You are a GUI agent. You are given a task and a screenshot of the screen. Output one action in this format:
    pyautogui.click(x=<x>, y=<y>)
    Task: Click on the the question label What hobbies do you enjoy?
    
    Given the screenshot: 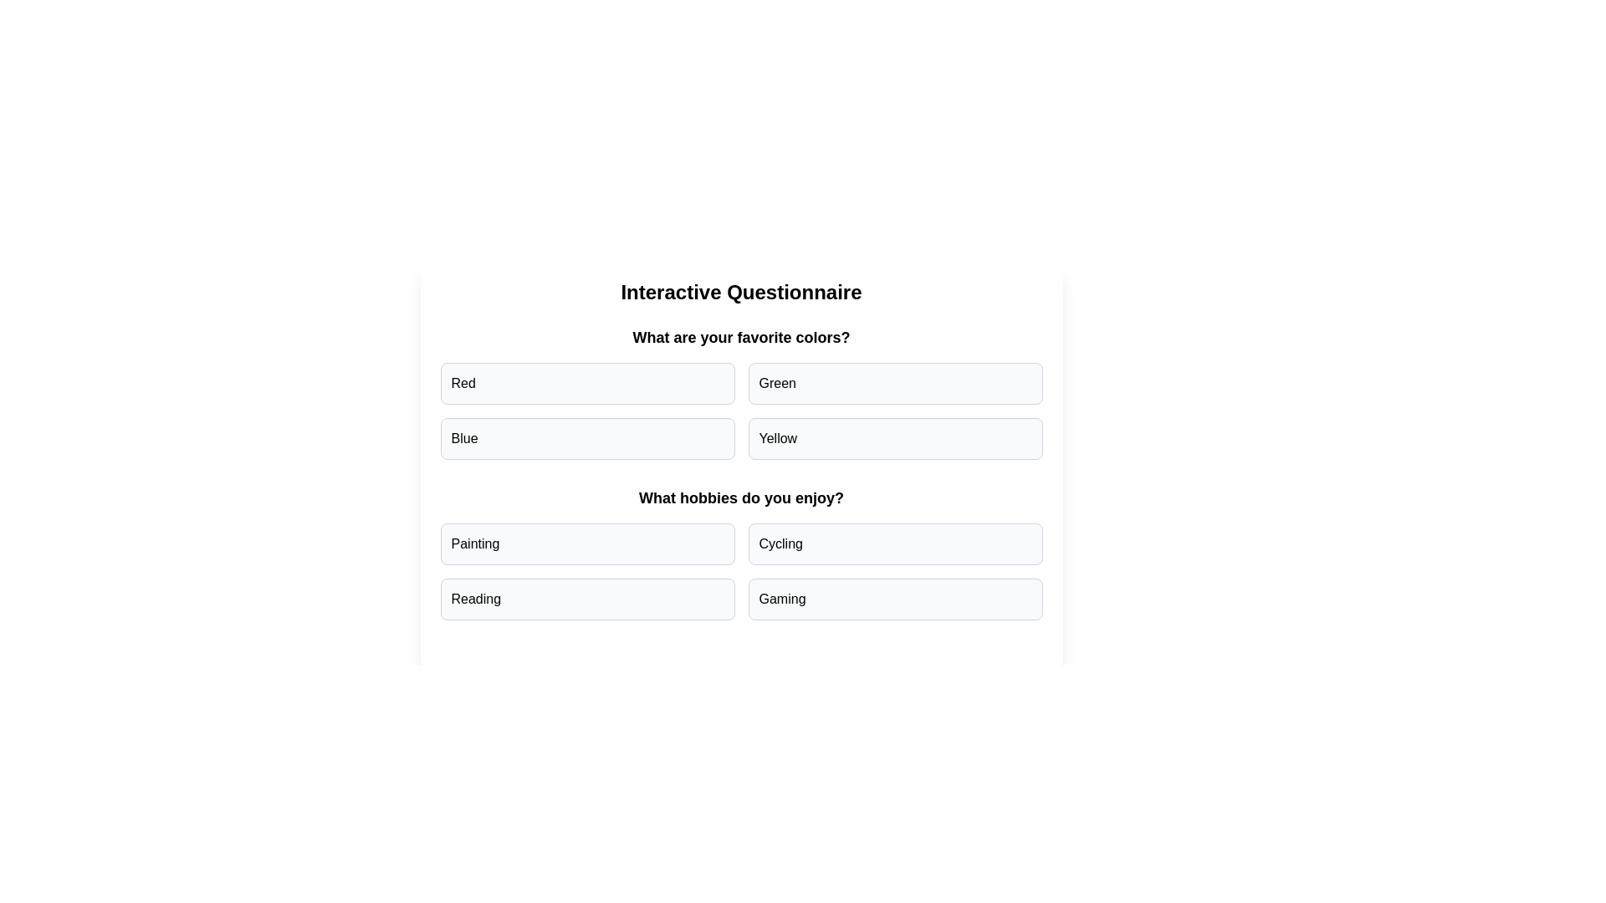 What is the action you would take?
    pyautogui.click(x=740, y=497)
    